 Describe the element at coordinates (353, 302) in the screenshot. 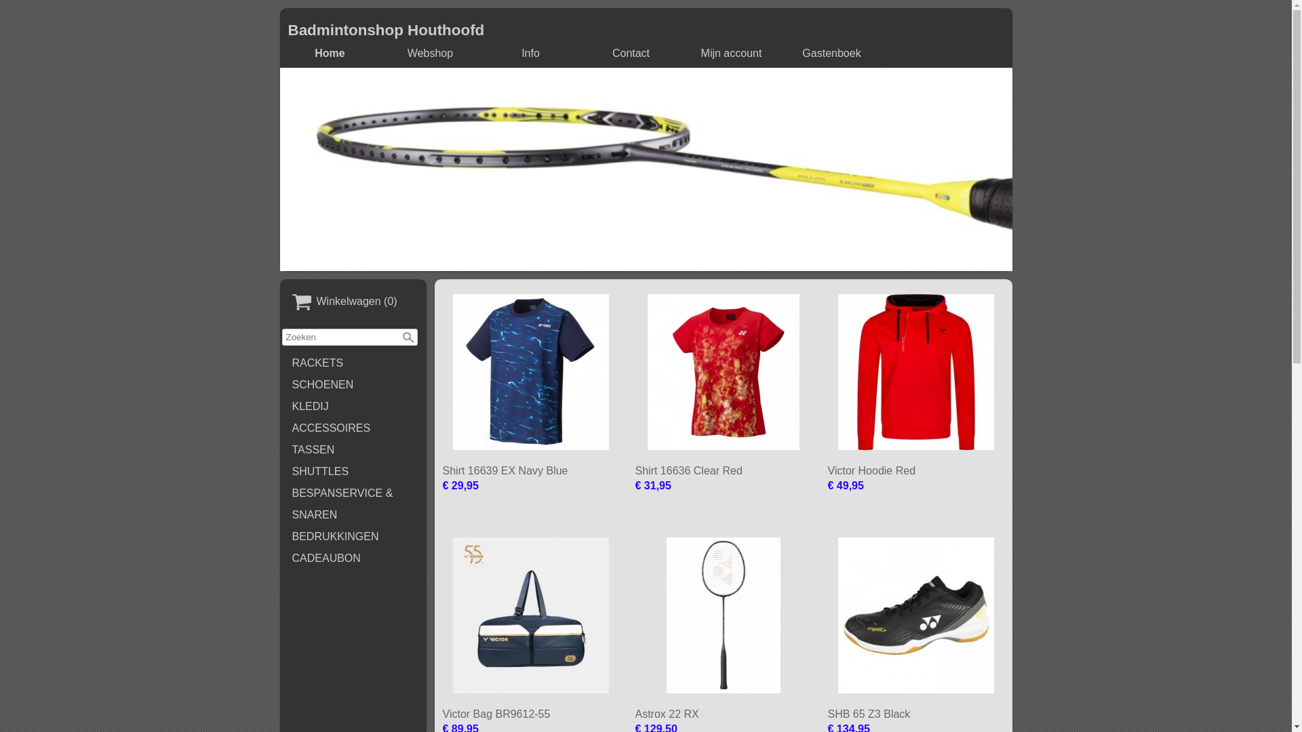

I see `'WinkelwagenWinkelwagen (0)'` at that location.